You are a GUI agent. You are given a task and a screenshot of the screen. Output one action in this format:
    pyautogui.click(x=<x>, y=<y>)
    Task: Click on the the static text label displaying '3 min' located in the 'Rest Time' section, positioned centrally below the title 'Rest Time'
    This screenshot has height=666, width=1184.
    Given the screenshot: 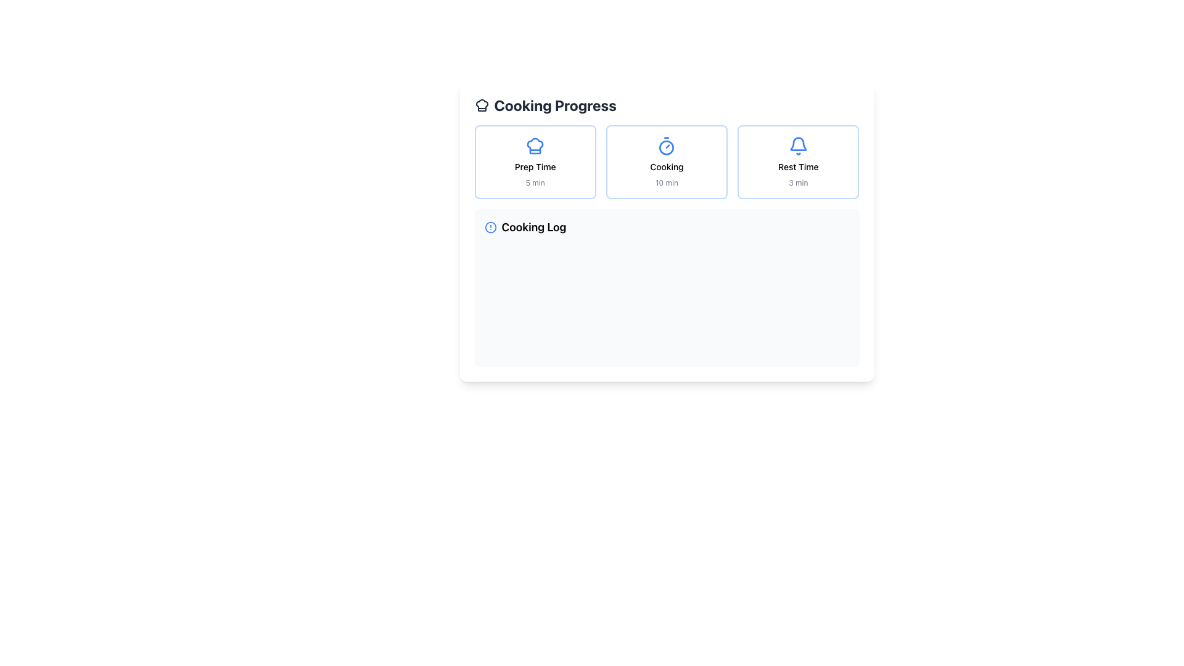 What is the action you would take?
    pyautogui.click(x=798, y=183)
    